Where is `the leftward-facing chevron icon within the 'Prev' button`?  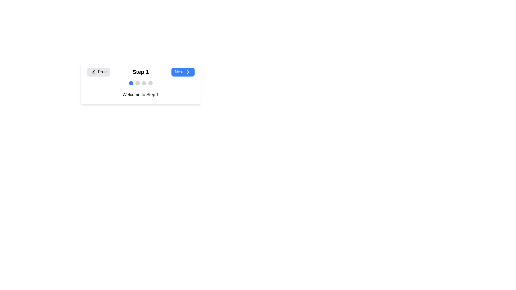 the leftward-facing chevron icon within the 'Prev' button is located at coordinates (93, 72).